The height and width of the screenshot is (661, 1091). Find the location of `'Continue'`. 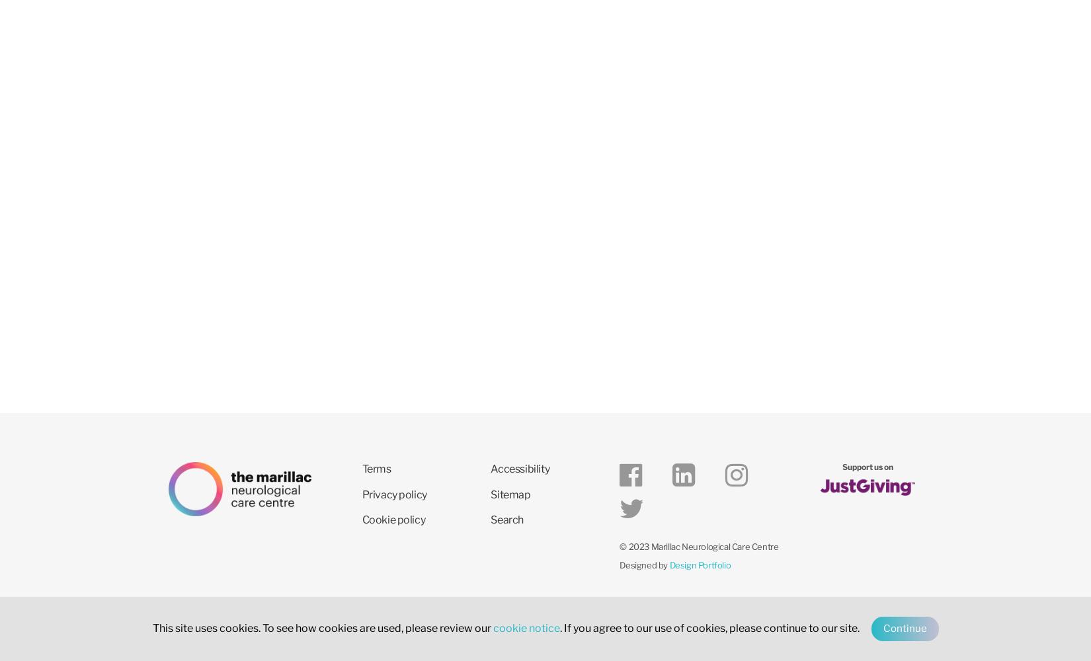

'Continue' is located at coordinates (904, 628).